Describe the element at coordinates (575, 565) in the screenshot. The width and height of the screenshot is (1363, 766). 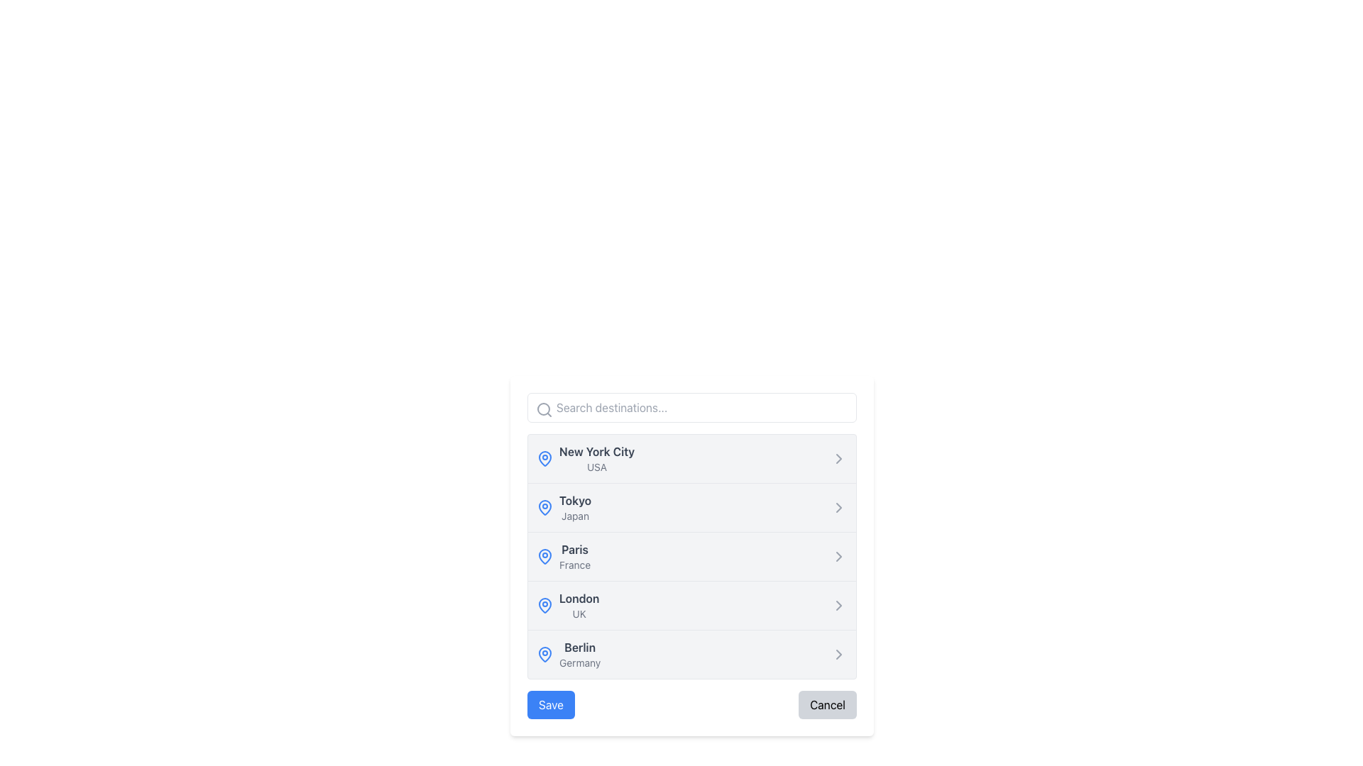
I see `text label that denotes the country associated with the city 'Paris', located directly under it in the list of locations` at that location.